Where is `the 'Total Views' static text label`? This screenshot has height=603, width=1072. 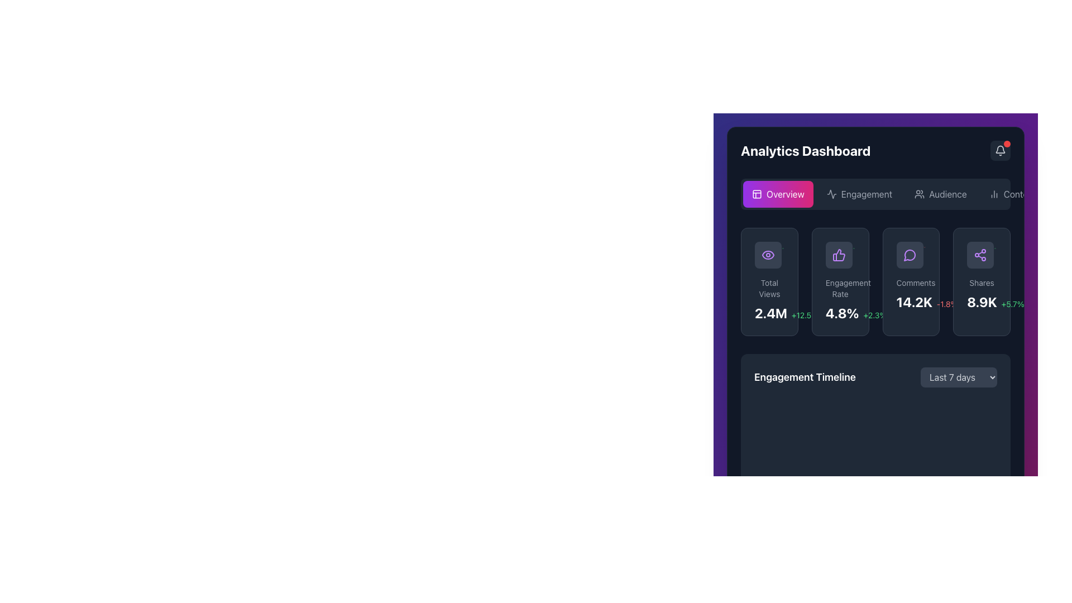 the 'Total Views' static text label is located at coordinates (769, 288).